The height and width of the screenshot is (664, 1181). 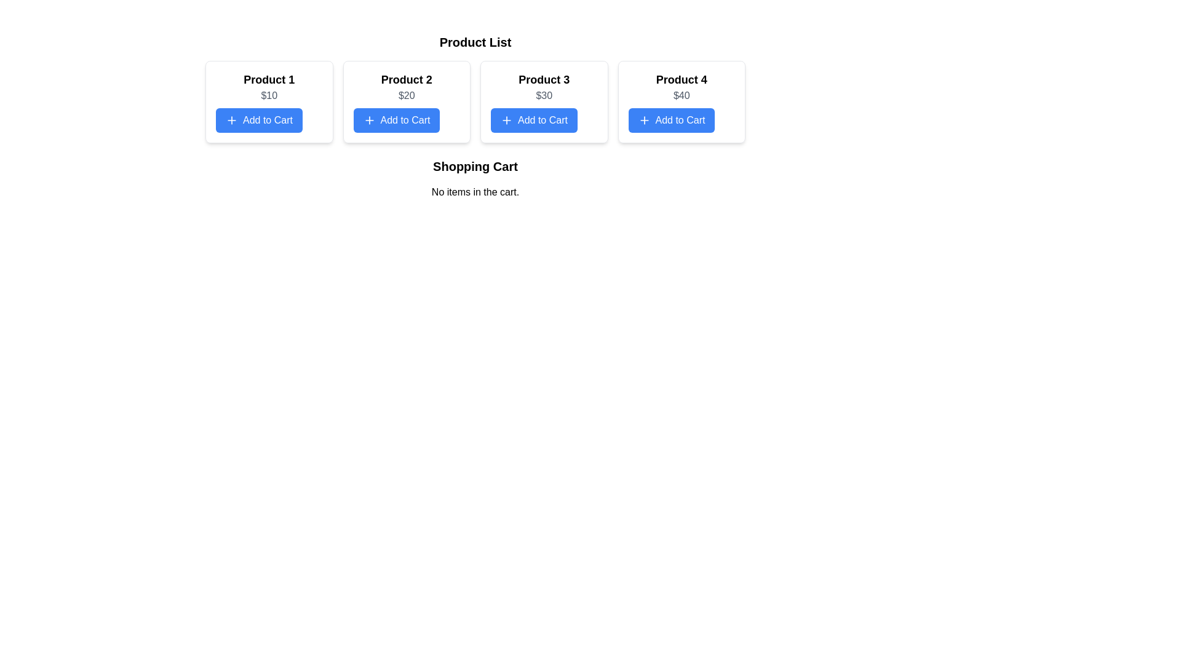 I want to click on the 'Add to Cart' button on the product card located under the 'Product List' heading, which is the third item in a row of four items, so click(x=543, y=101).